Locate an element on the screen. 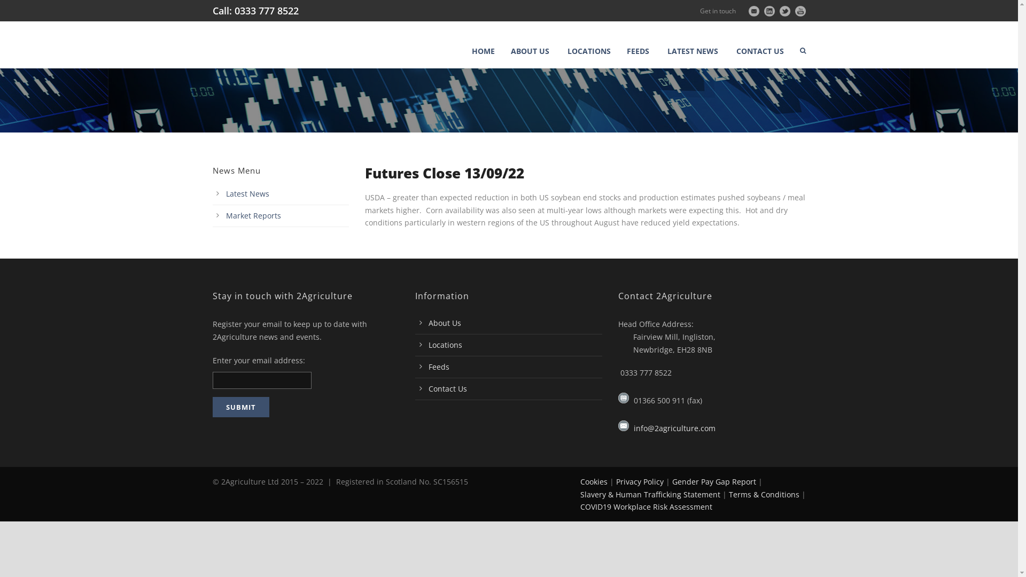 The height and width of the screenshot is (577, 1026). 'Locations' is located at coordinates (445, 345).